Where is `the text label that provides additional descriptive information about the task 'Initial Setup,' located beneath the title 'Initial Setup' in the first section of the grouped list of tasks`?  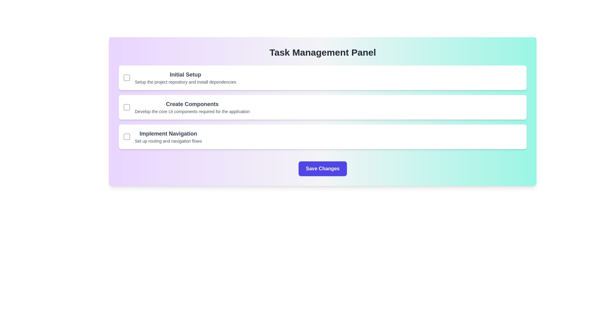
the text label that provides additional descriptive information about the task 'Initial Setup,' located beneath the title 'Initial Setup' in the first section of the grouped list of tasks is located at coordinates (185, 81).